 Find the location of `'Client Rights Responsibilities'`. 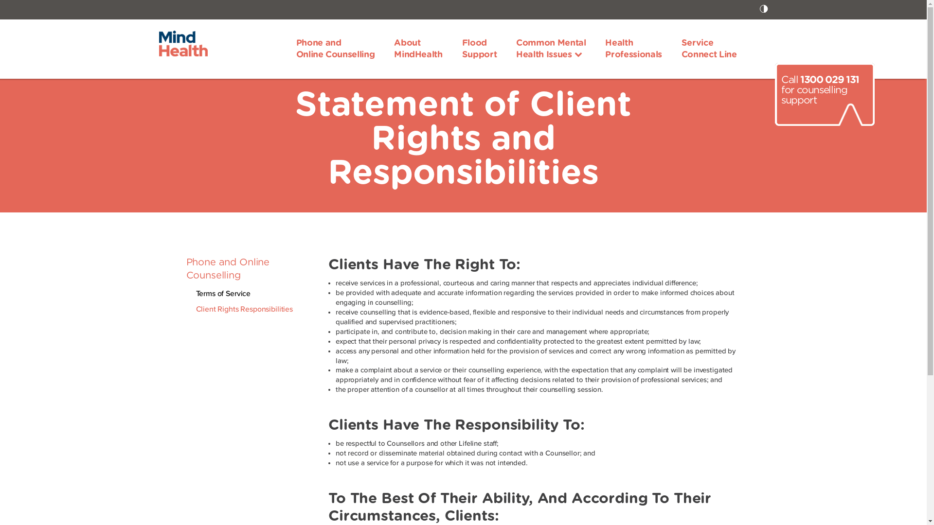

'Client Rights Responsibilities' is located at coordinates (244, 309).